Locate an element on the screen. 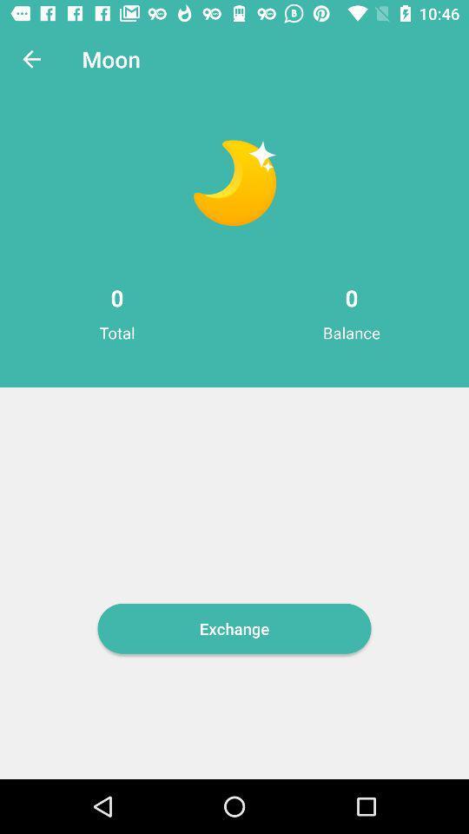 The height and width of the screenshot is (834, 469). exchange is located at coordinates (234, 627).